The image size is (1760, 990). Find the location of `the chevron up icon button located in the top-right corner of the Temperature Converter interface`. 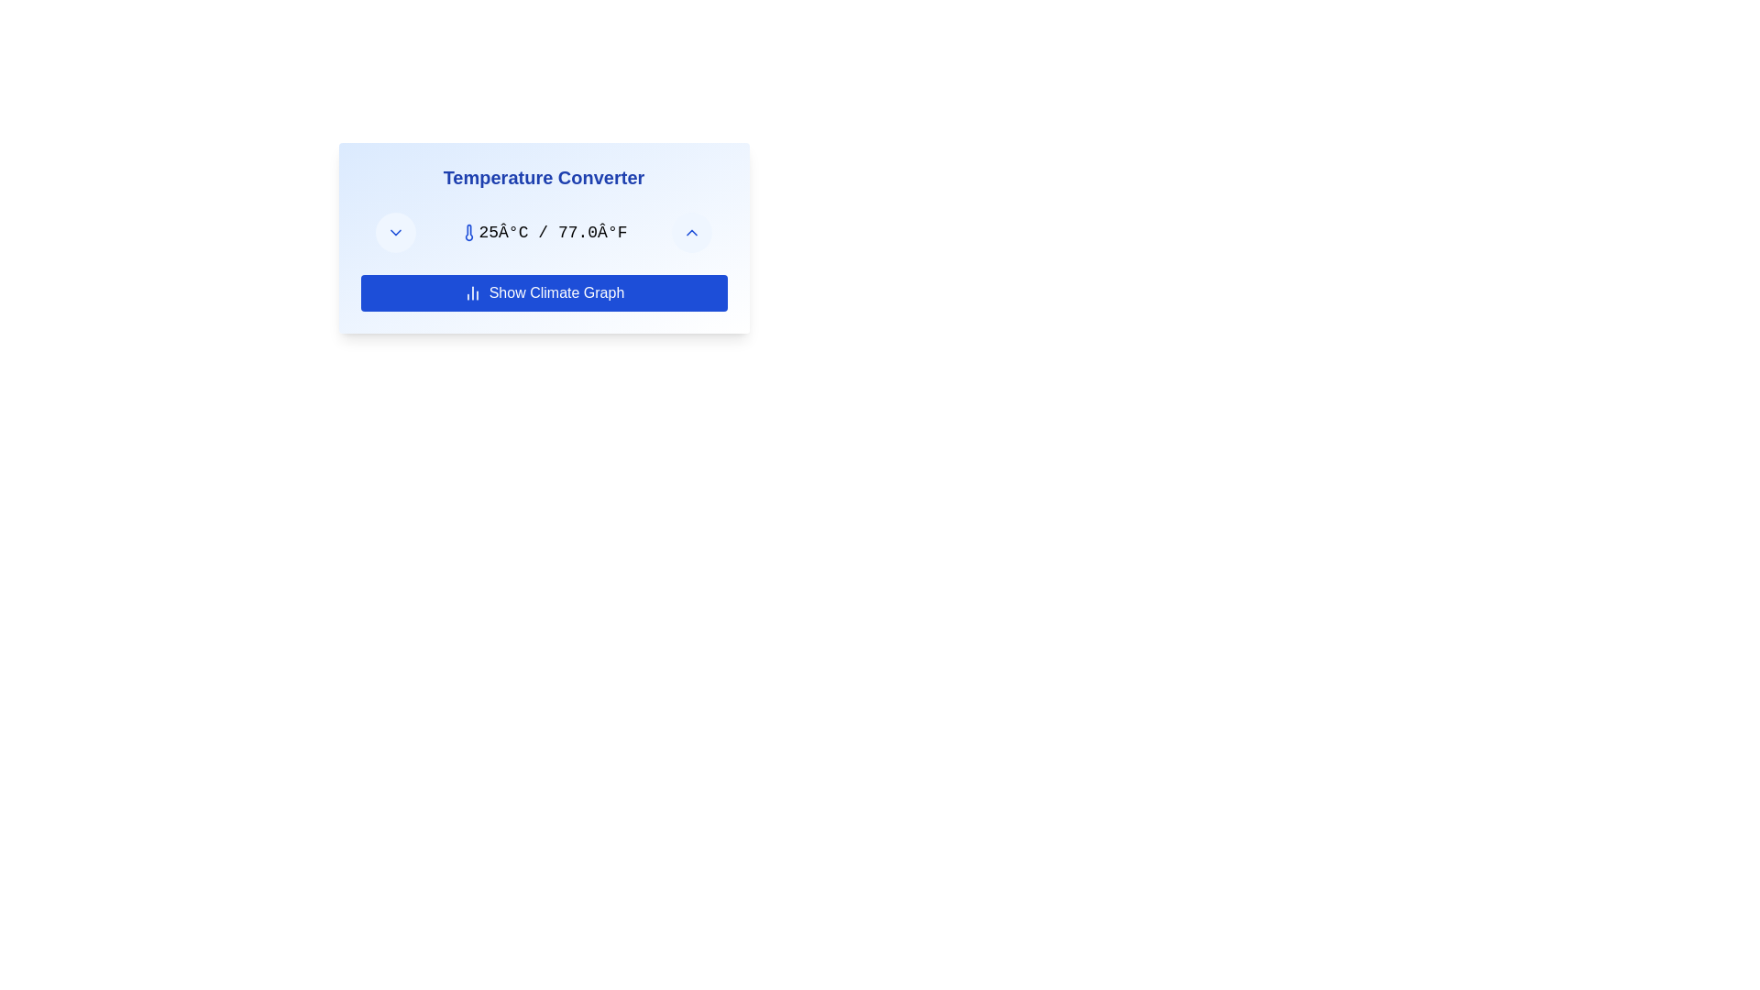

the chevron up icon button located in the top-right corner of the Temperature Converter interface is located at coordinates (691, 232).